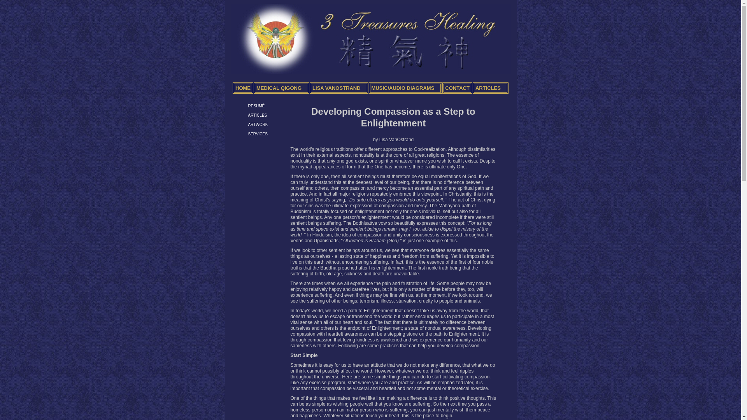  What do you see at coordinates (248, 115) in the screenshot?
I see `'ARTICLES'` at bounding box center [248, 115].